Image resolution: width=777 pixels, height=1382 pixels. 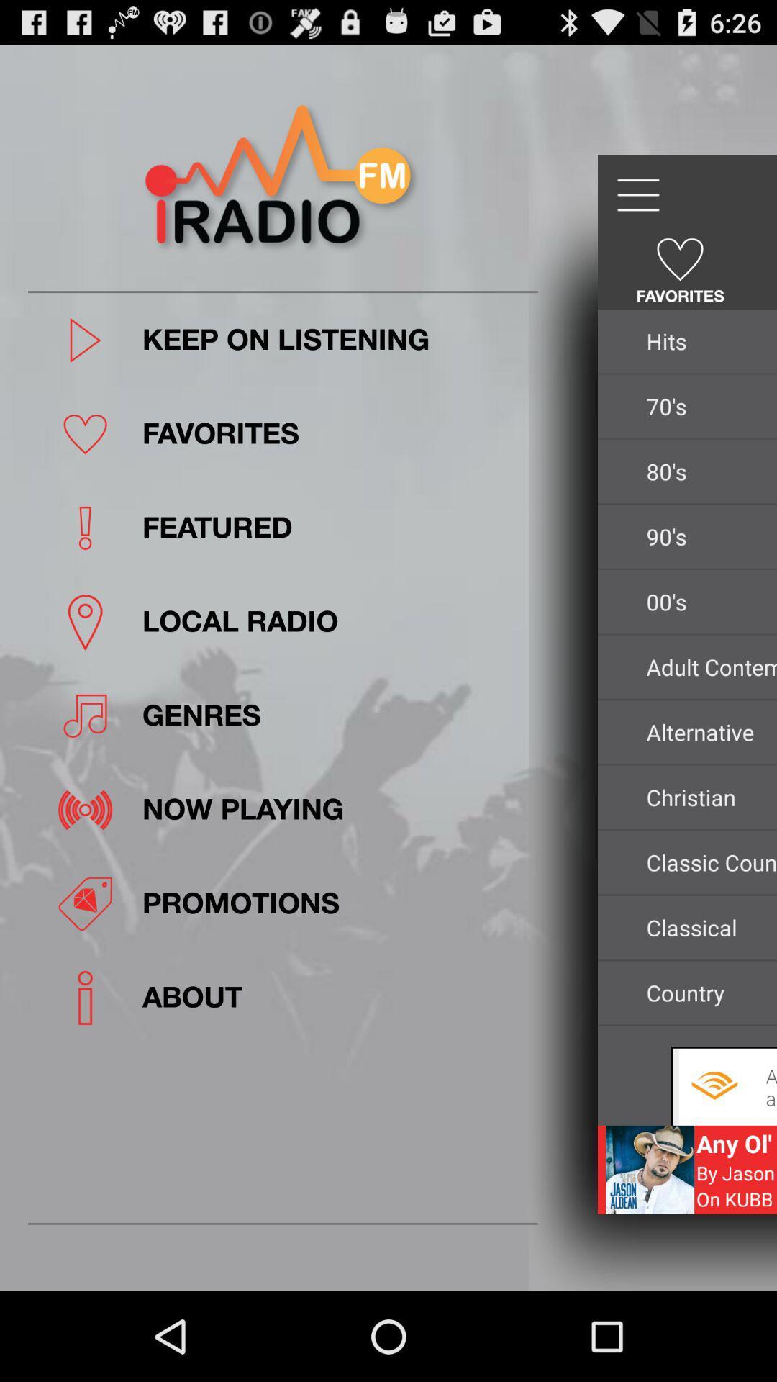 I want to click on more options, so click(x=637, y=194).